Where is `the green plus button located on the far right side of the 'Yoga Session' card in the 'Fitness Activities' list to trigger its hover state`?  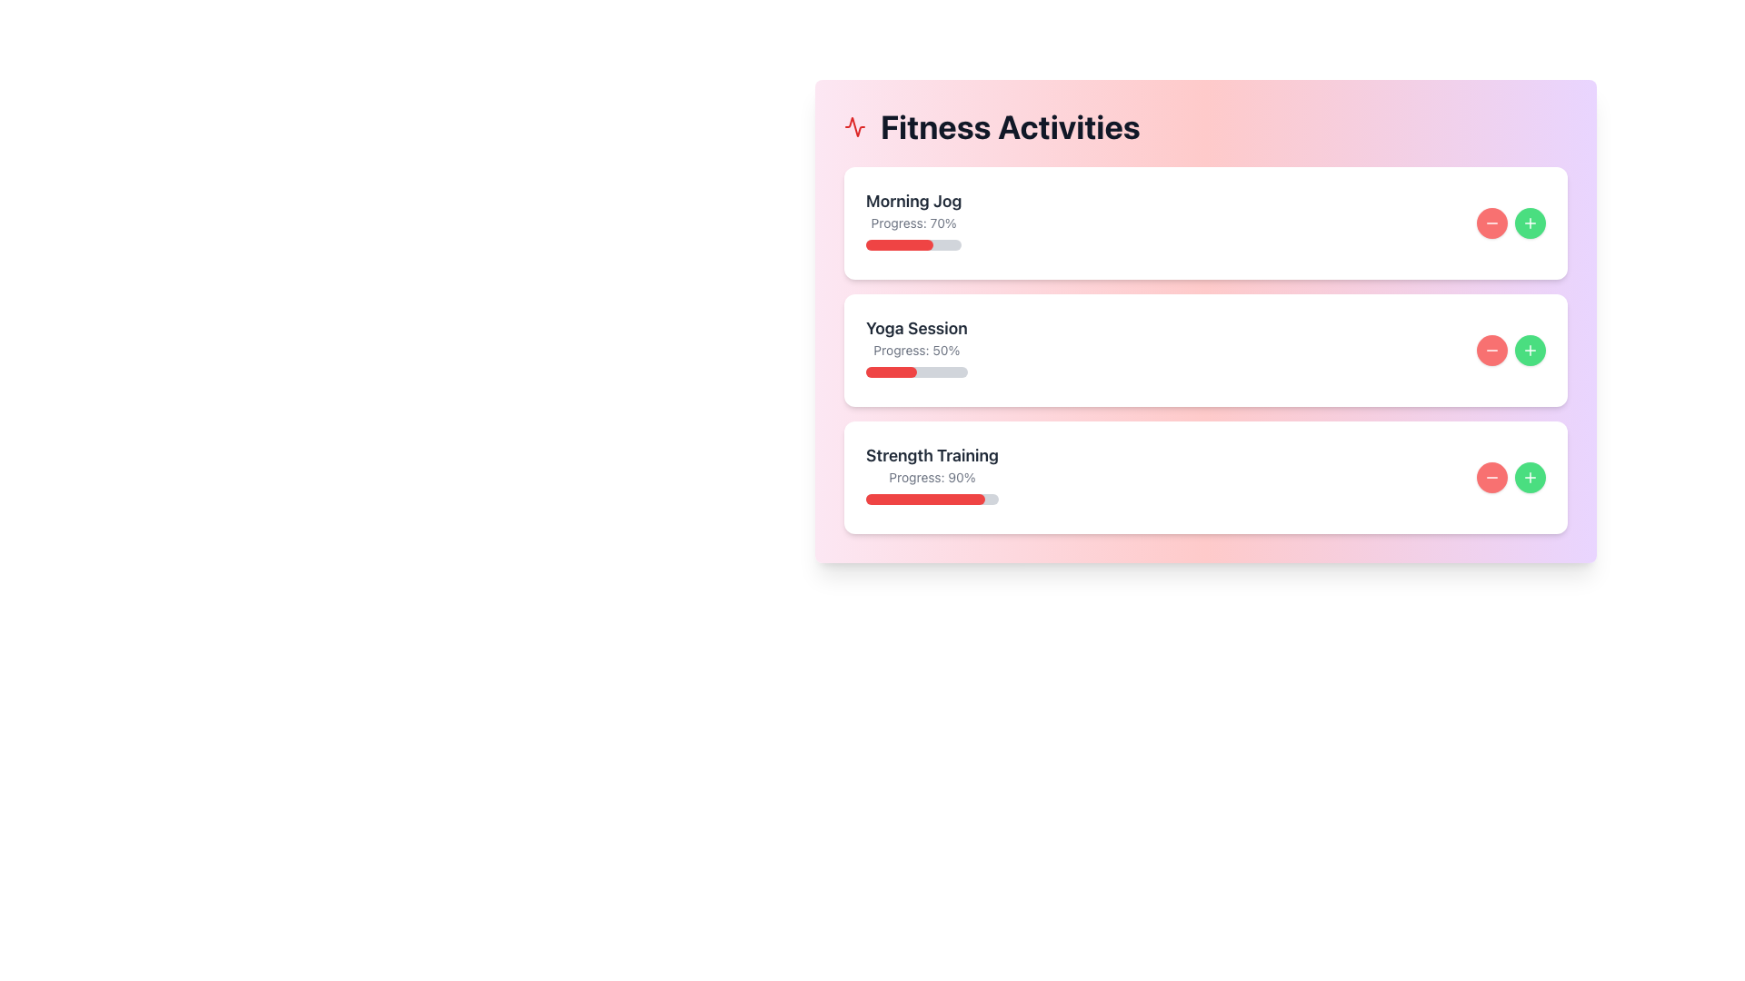
the green plus button located on the far right side of the 'Yoga Session' card in the 'Fitness Activities' list to trigger its hover state is located at coordinates (1511, 350).